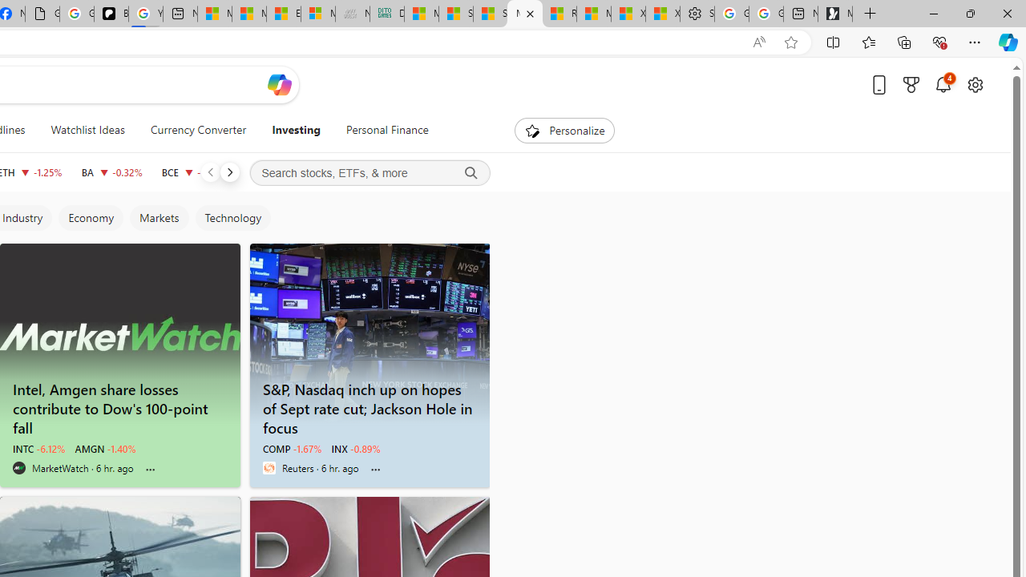  What do you see at coordinates (111, 171) in the screenshot?
I see `'BA THE BOEING COMPANY decrease 172.87 -0.56 -0.32%'` at bounding box center [111, 171].